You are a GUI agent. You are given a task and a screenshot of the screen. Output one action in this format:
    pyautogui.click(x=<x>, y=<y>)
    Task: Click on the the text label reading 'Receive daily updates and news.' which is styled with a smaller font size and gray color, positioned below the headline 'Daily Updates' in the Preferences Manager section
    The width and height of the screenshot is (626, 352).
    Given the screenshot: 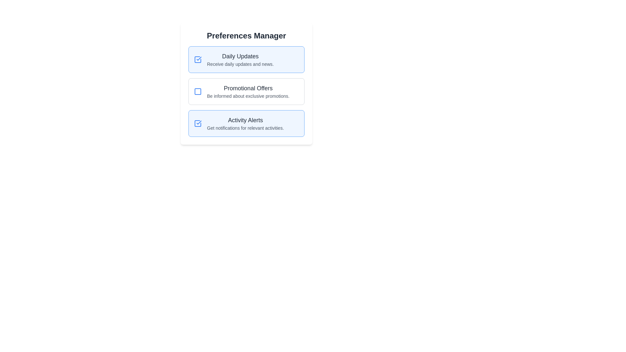 What is the action you would take?
    pyautogui.click(x=240, y=64)
    